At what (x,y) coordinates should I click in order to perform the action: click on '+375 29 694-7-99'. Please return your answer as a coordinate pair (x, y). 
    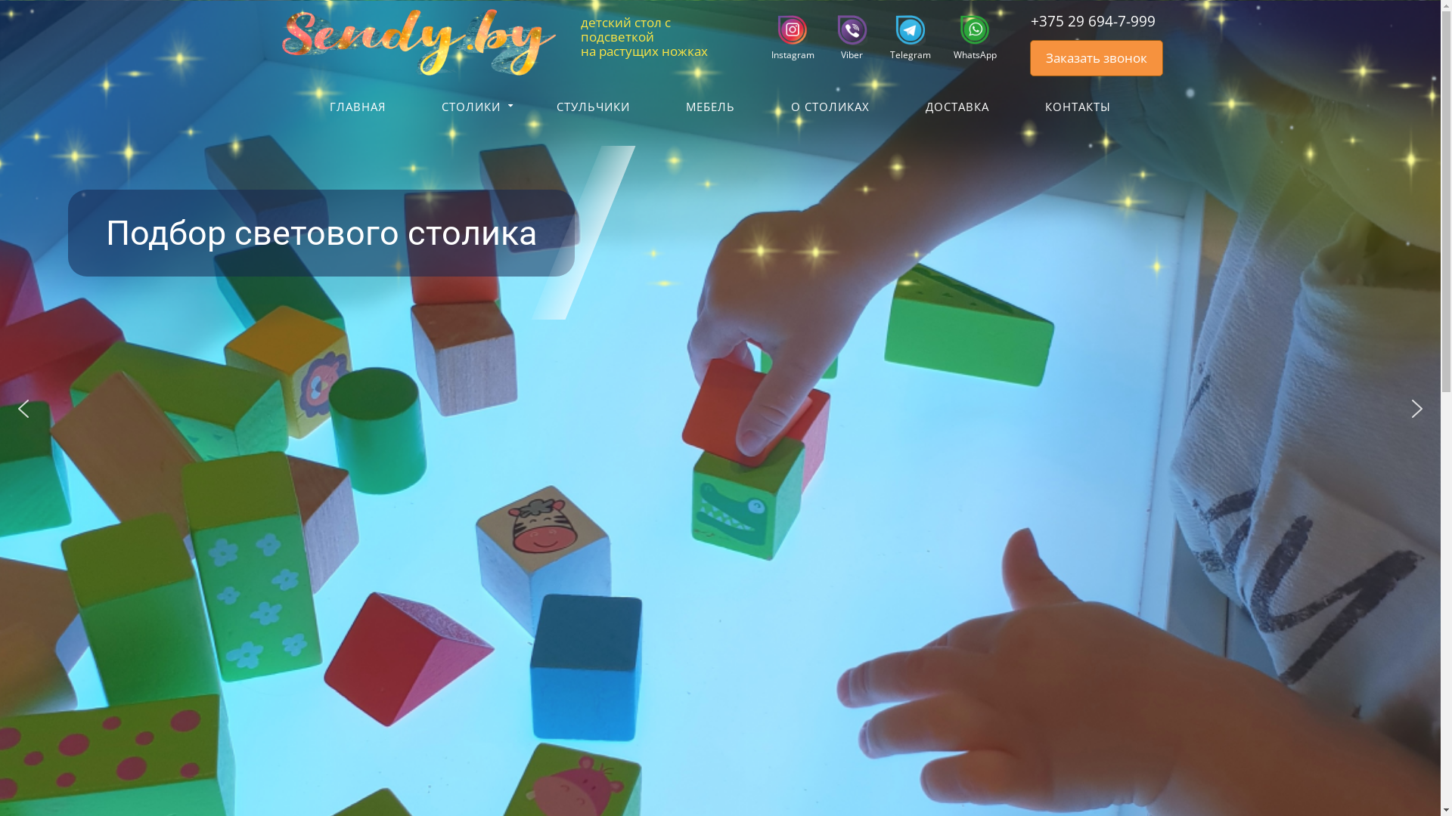
    Looking at the image, I should click on (1081, 20).